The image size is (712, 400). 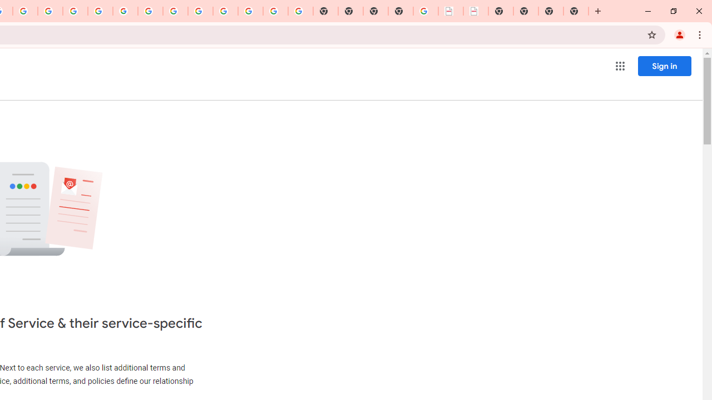 I want to click on 'New Tab', so click(x=400, y=11).